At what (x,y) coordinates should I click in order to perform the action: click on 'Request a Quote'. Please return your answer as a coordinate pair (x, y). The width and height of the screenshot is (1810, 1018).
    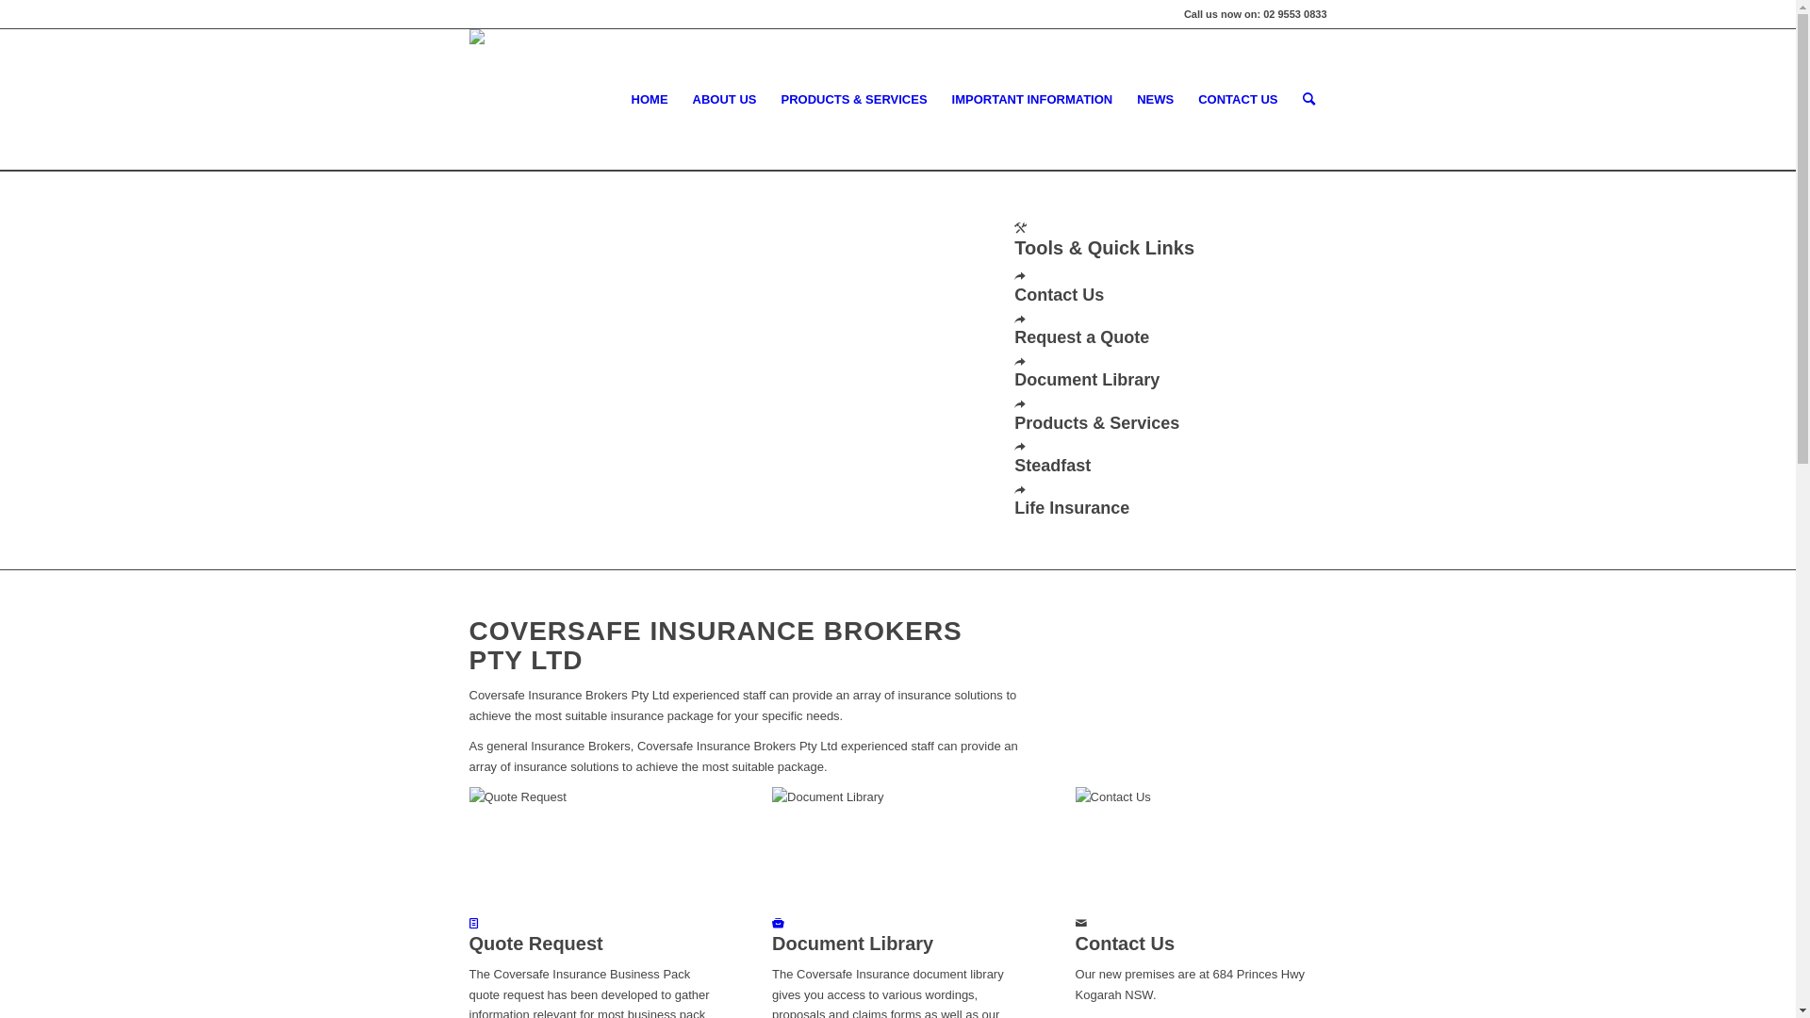
    Looking at the image, I should click on (1081, 337).